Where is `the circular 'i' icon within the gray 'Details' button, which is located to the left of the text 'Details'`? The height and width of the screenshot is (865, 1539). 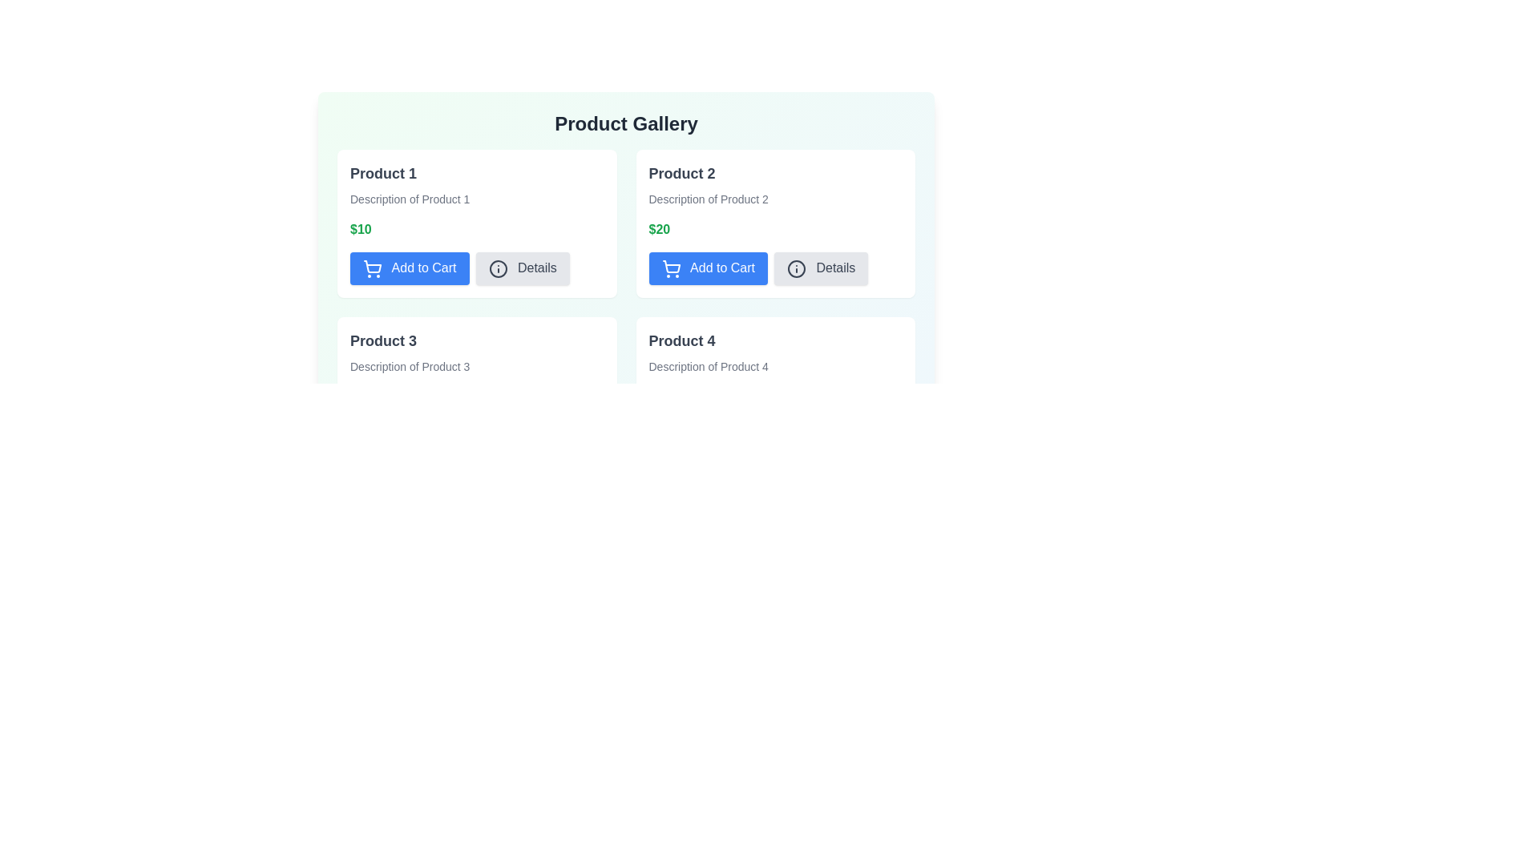
the circular 'i' icon within the gray 'Details' button, which is located to the left of the text 'Details' is located at coordinates (497, 268).